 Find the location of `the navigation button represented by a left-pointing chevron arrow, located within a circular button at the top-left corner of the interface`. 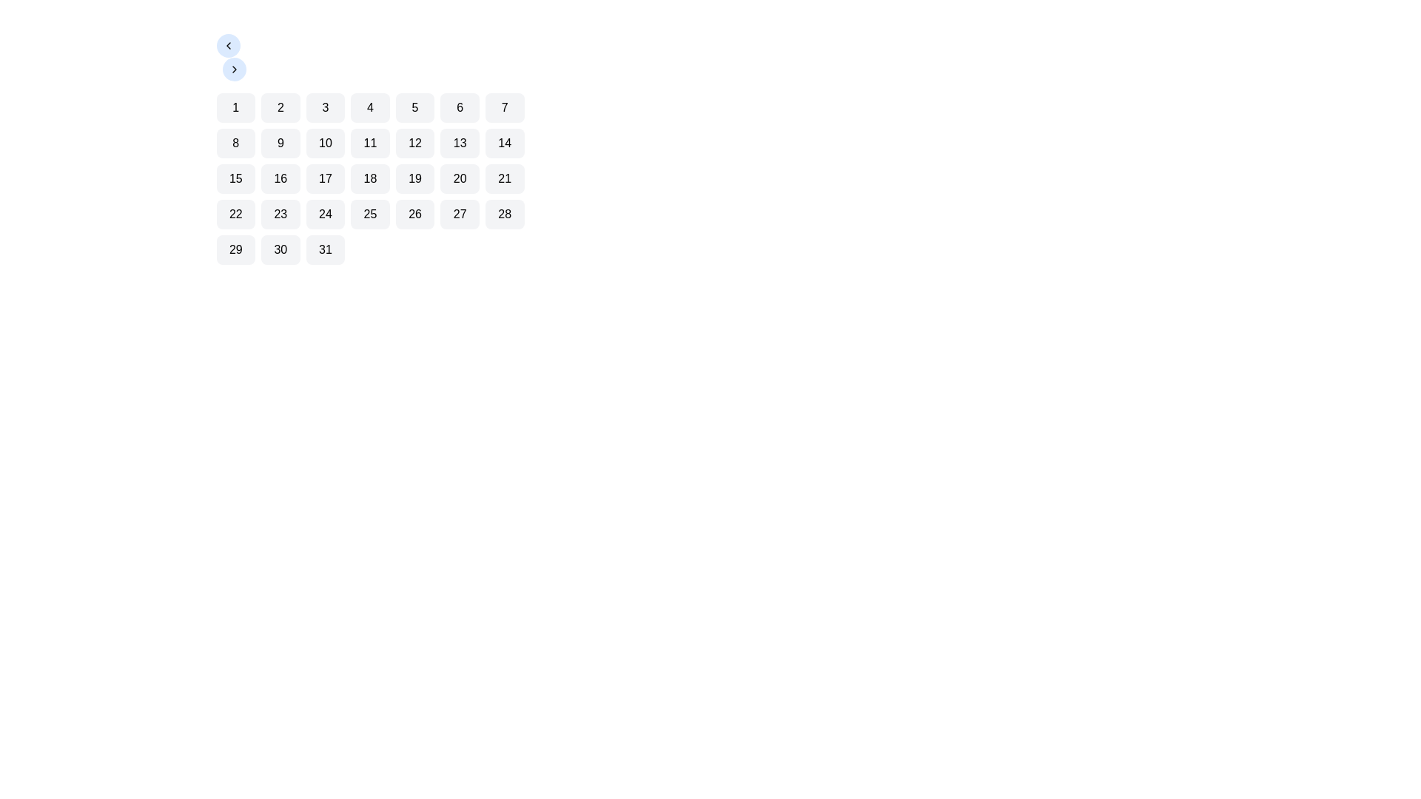

the navigation button represented by a left-pointing chevron arrow, located within a circular button at the top-left corner of the interface is located at coordinates (227, 44).